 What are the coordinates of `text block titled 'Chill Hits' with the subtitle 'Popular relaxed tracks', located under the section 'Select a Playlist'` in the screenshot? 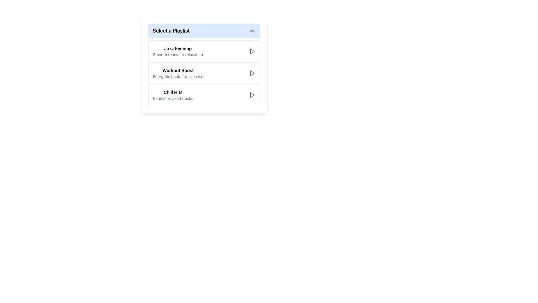 It's located at (173, 95).